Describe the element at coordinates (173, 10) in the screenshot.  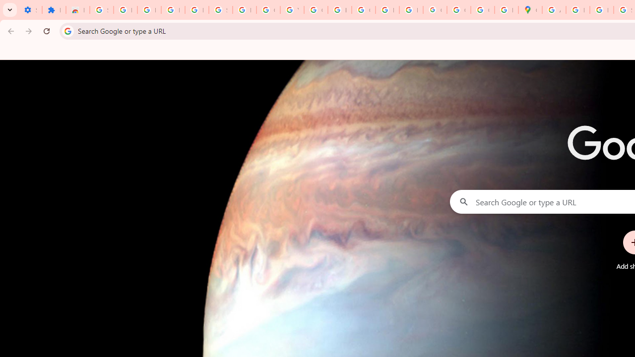
I see `'Learn how to find your photos - Google Photos Help'` at that location.